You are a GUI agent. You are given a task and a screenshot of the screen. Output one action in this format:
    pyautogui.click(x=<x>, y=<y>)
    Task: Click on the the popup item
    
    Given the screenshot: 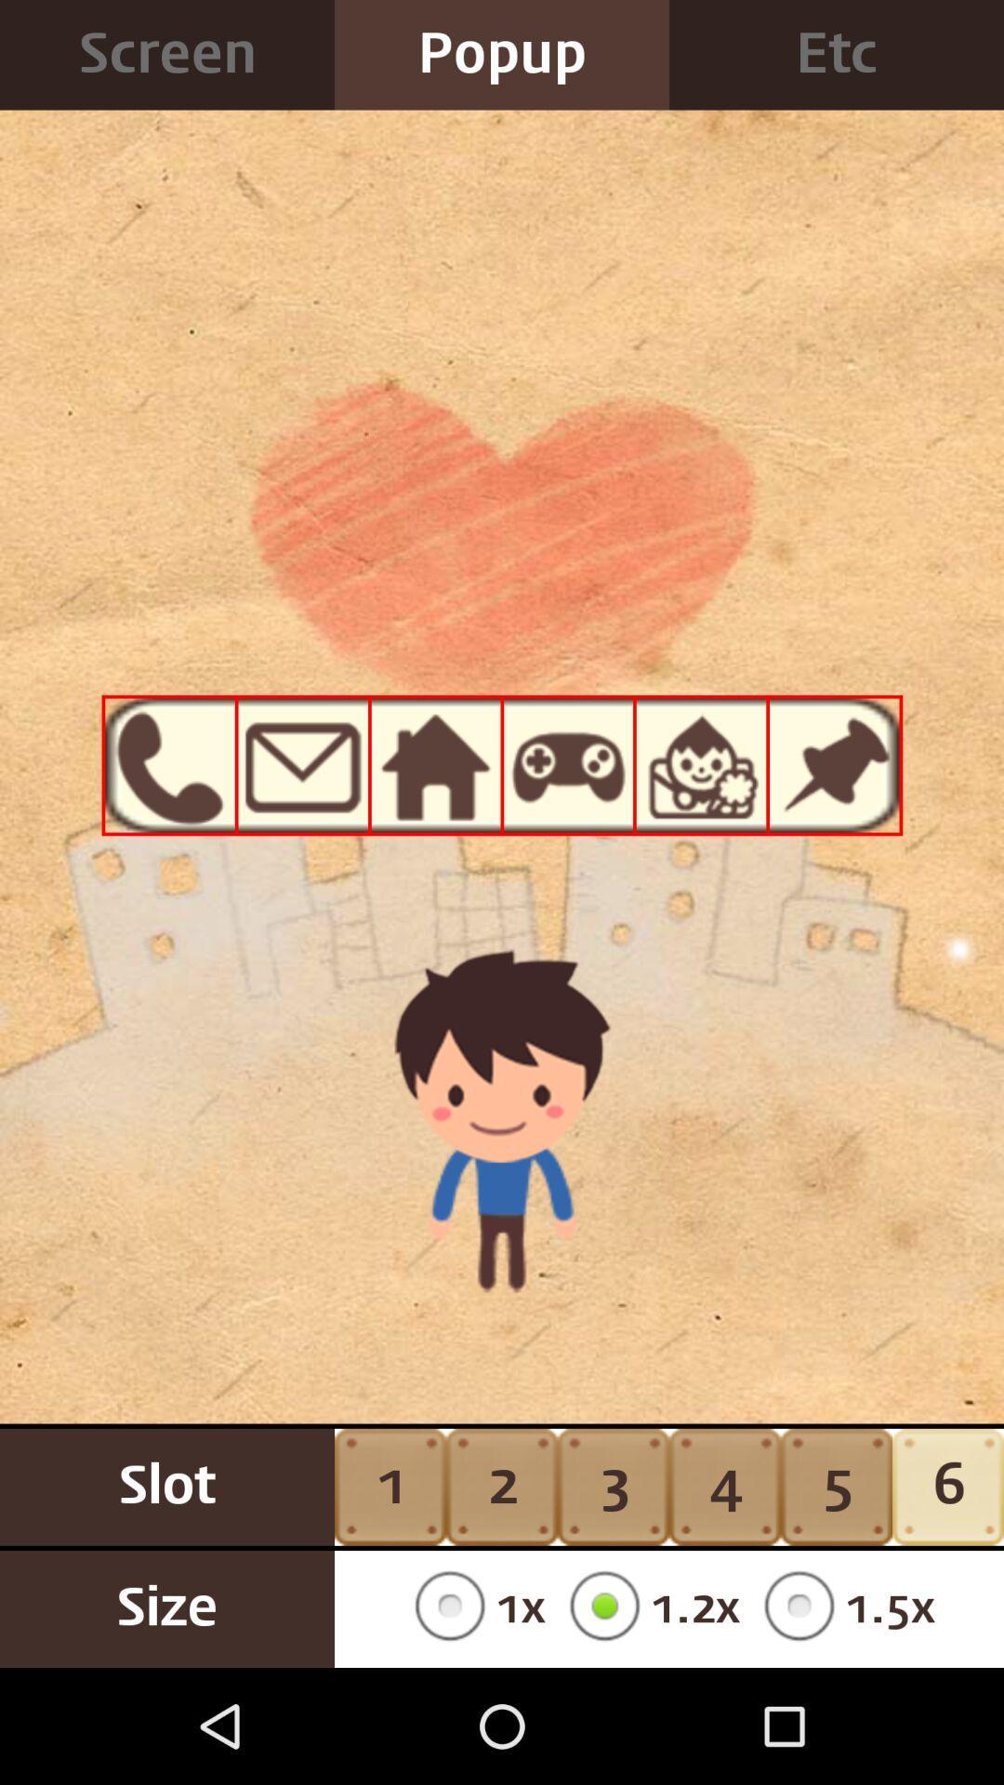 What is the action you would take?
    pyautogui.click(x=502, y=55)
    